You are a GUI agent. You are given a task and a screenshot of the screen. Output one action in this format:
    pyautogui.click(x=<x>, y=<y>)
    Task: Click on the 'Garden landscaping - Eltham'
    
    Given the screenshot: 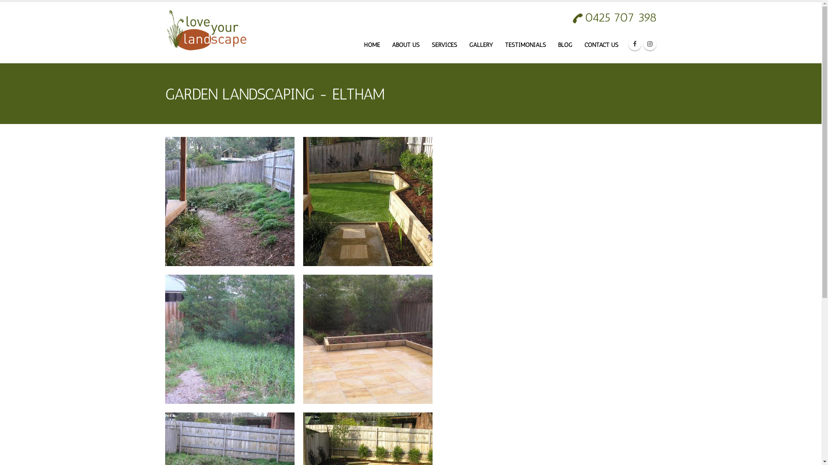 What is the action you would take?
    pyautogui.click(x=367, y=338)
    